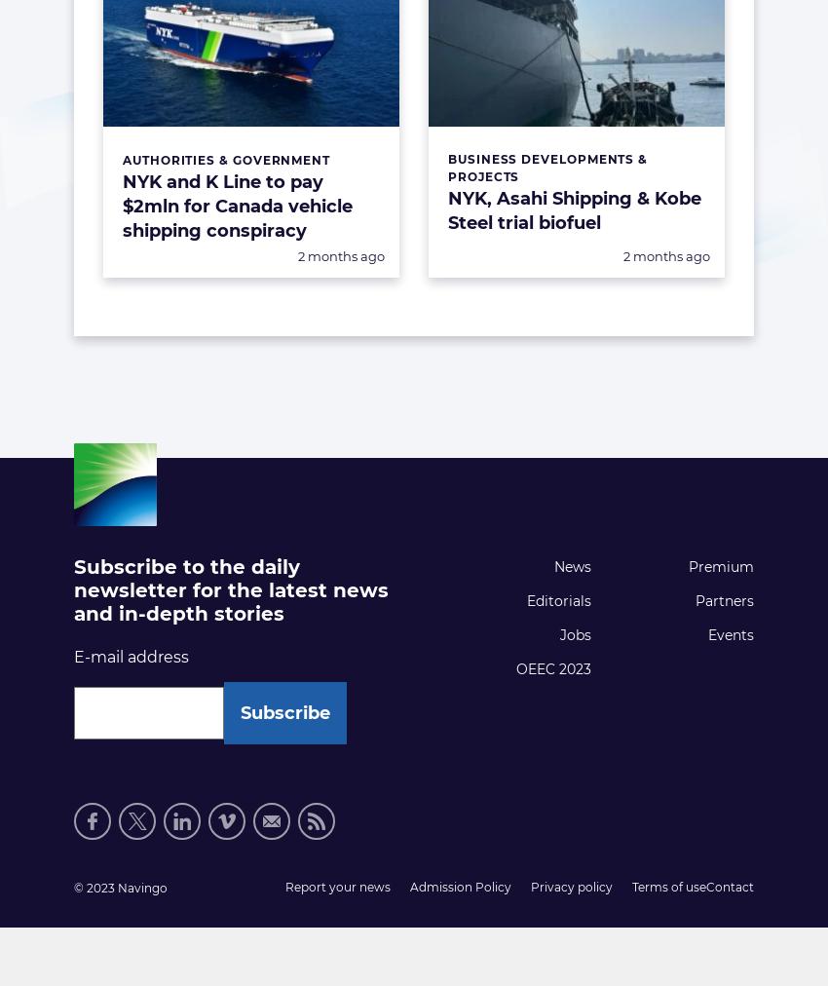 The height and width of the screenshot is (986, 828). What do you see at coordinates (547, 167) in the screenshot?
I see `'Business Developments & Projects'` at bounding box center [547, 167].